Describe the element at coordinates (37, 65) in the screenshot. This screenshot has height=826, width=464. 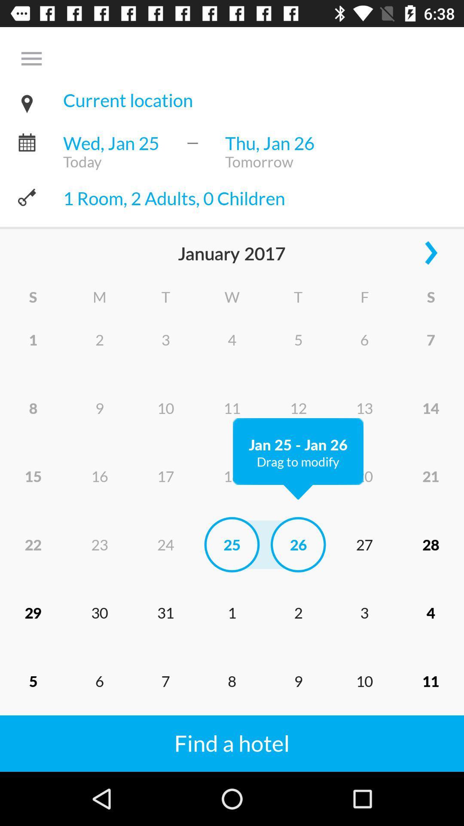
I see `the menu bar` at that location.